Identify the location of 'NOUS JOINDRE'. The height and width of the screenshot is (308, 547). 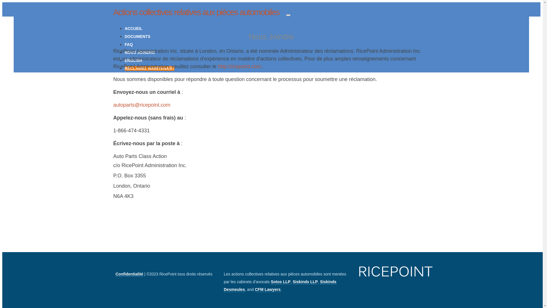
(140, 52).